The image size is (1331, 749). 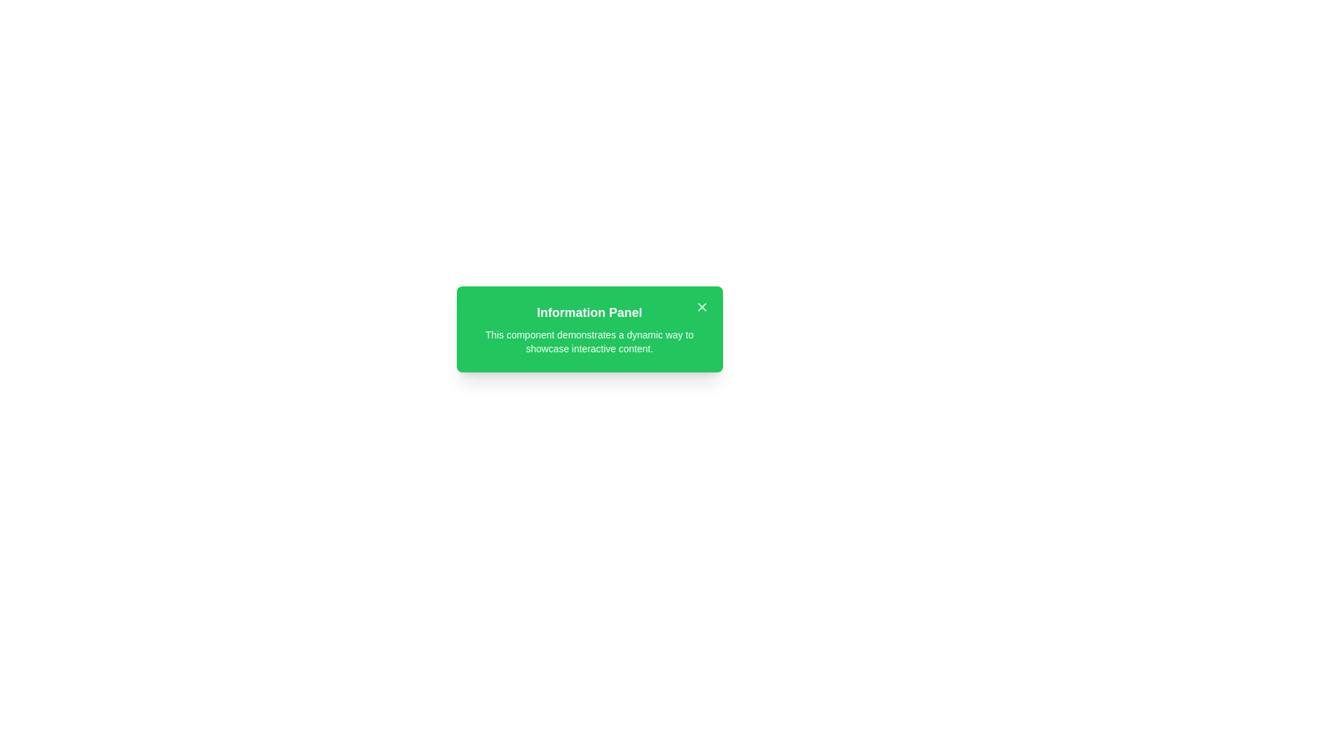 I want to click on the text header positioned at the top-center of a green panel, which serves as a title for the content displayed below, so click(x=589, y=313).